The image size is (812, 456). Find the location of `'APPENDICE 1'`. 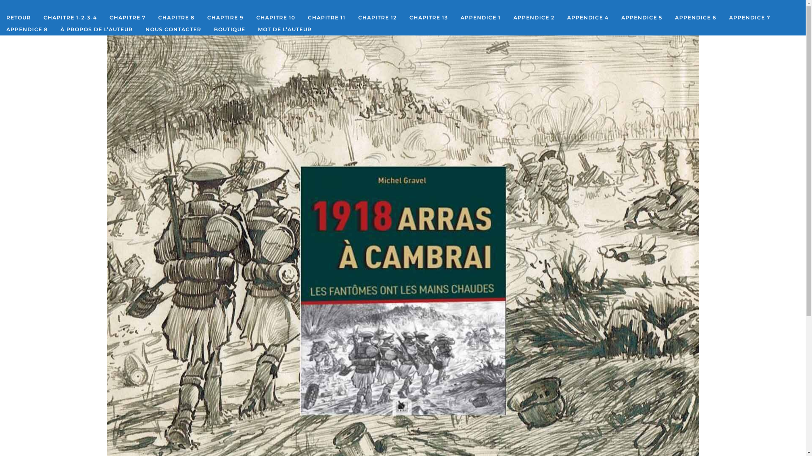

'APPENDICE 1' is located at coordinates (480, 18).